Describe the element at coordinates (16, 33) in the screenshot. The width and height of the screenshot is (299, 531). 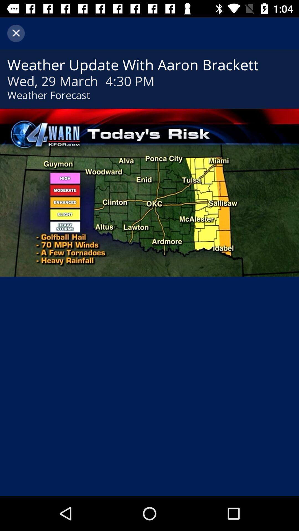
I see `the close icon` at that location.